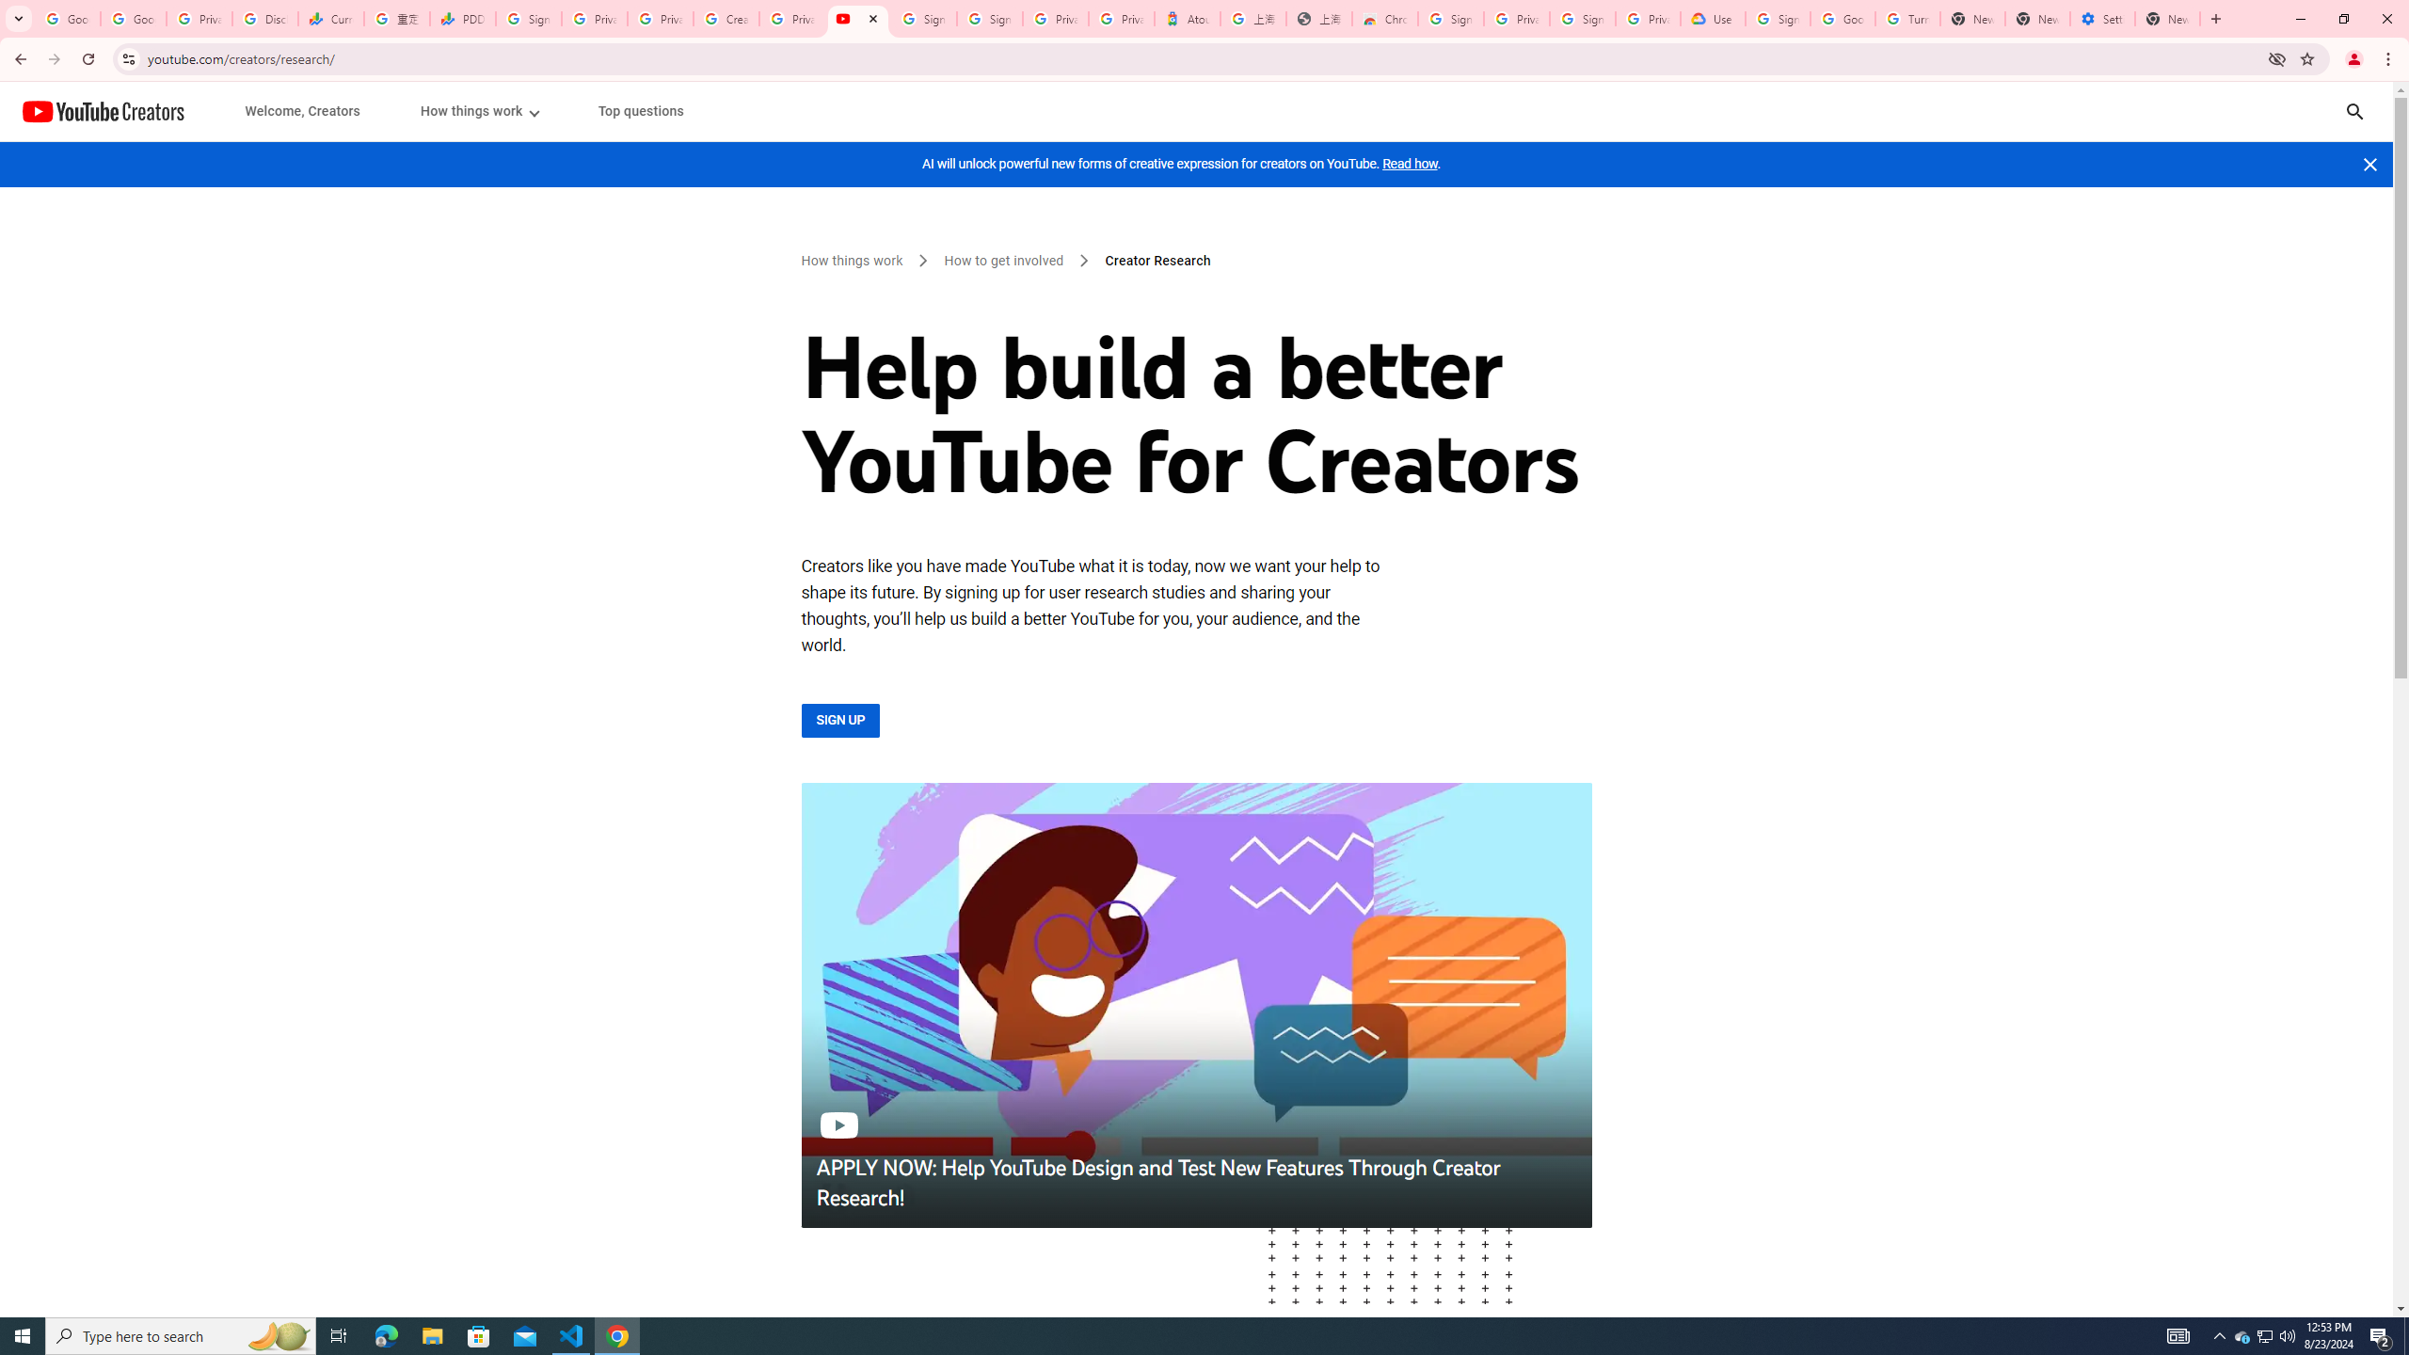  What do you see at coordinates (330, 18) in the screenshot?
I see `'Currencies - Google Finance'` at bounding box center [330, 18].